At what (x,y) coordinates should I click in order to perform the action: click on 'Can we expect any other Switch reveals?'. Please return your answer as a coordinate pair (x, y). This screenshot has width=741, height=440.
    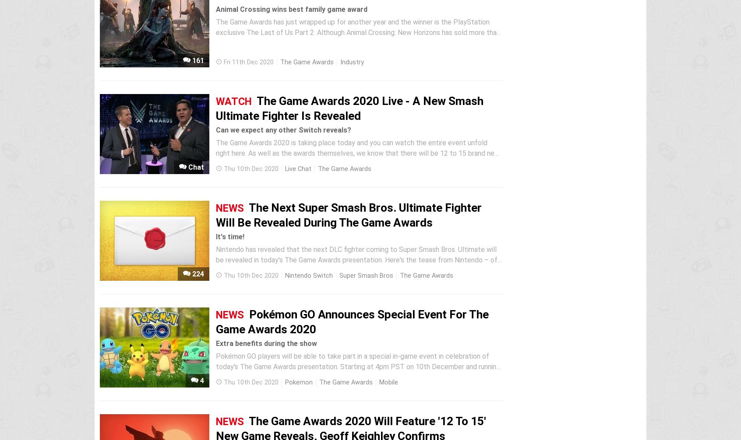
    Looking at the image, I should click on (283, 129).